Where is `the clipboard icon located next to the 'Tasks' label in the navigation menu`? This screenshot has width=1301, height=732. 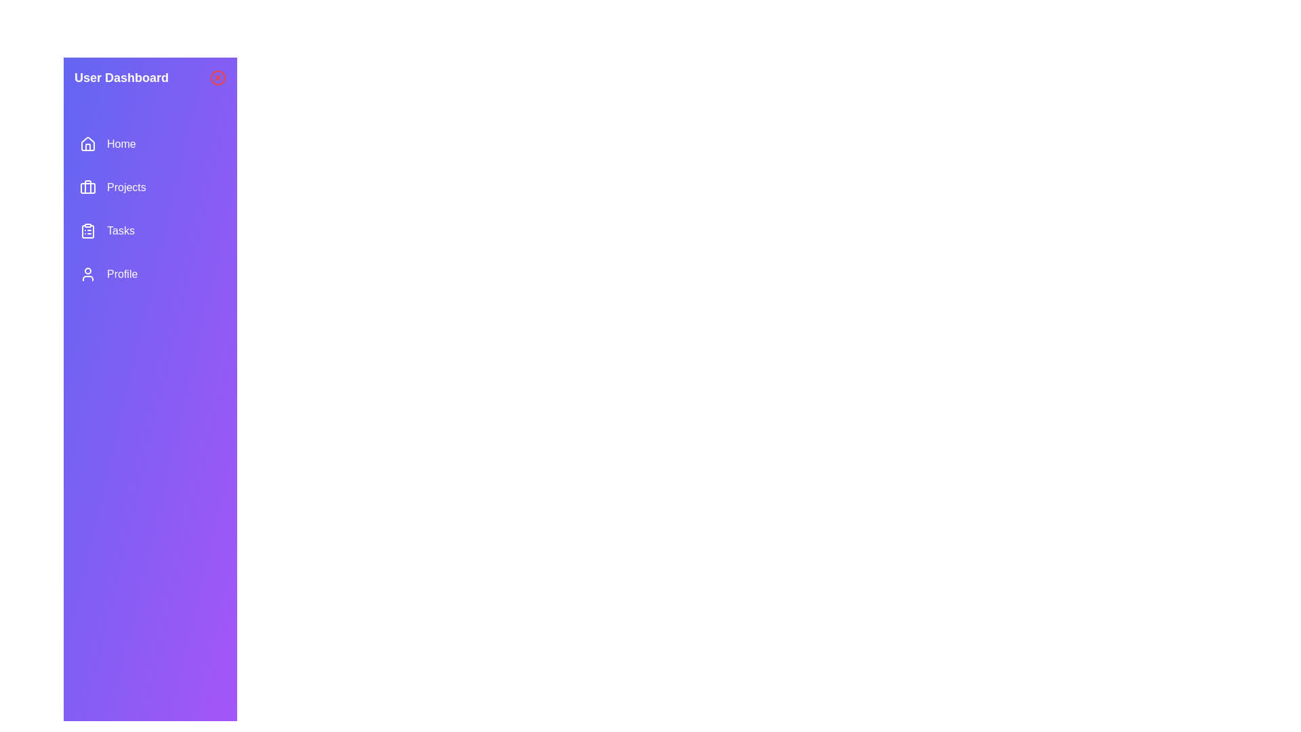 the clipboard icon located next to the 'Tasks' label in the navigation menu is located at coordinates (87, 230).